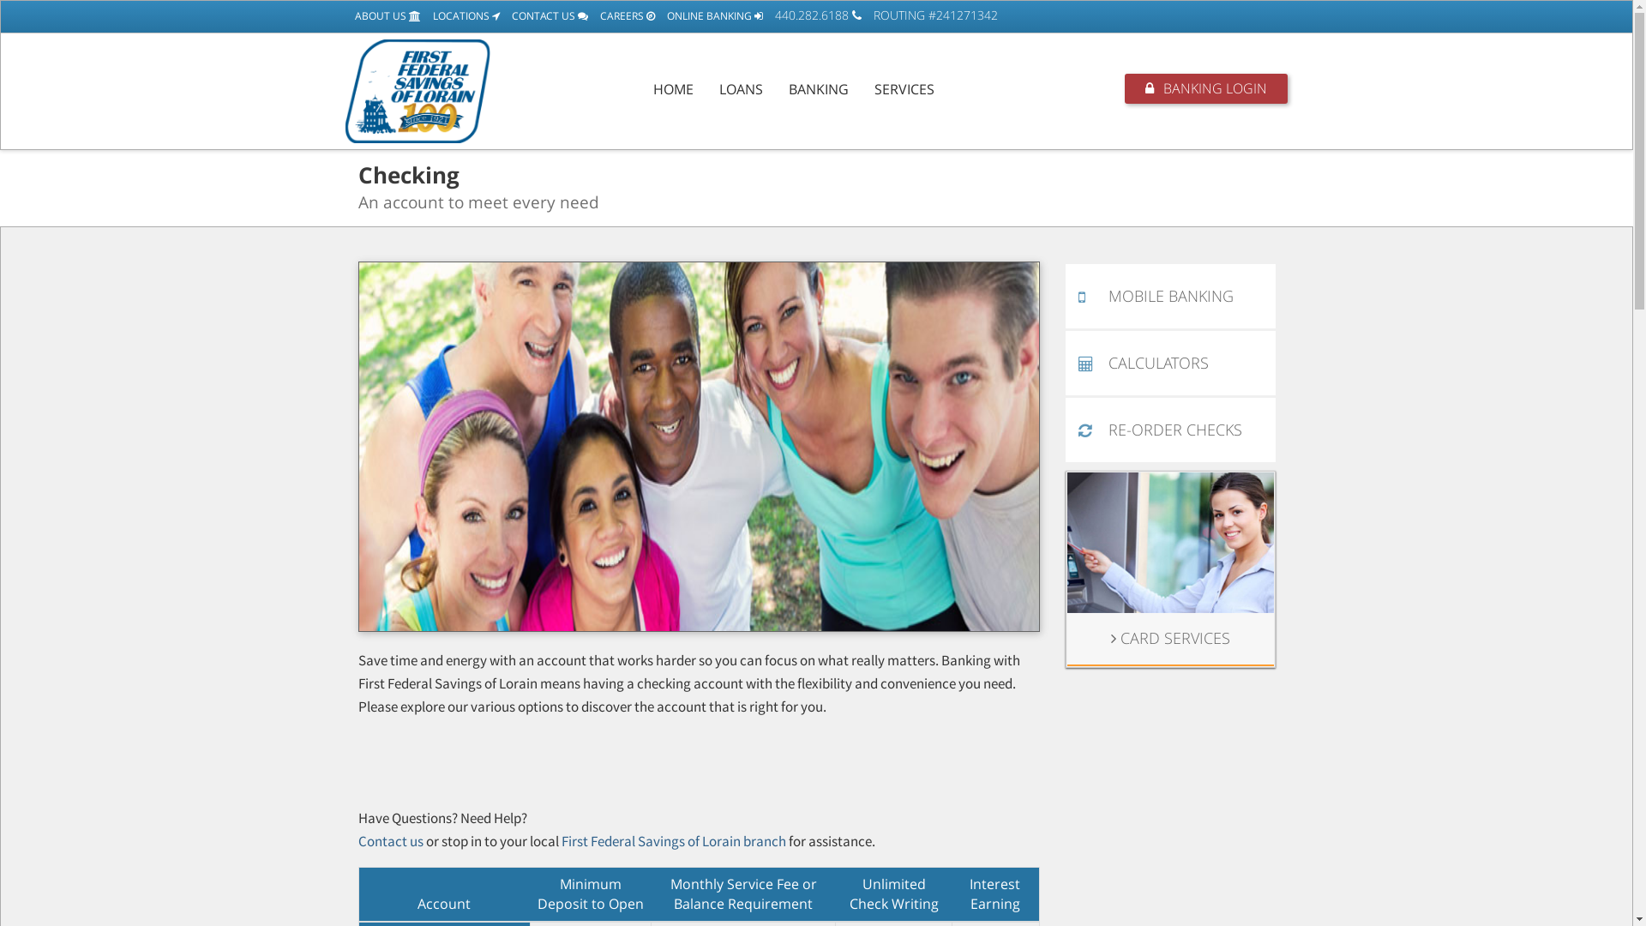 The width and height of the screenshot is (1646, 926). I want to click on 'CARD SERVICES', so click(1065, 638).